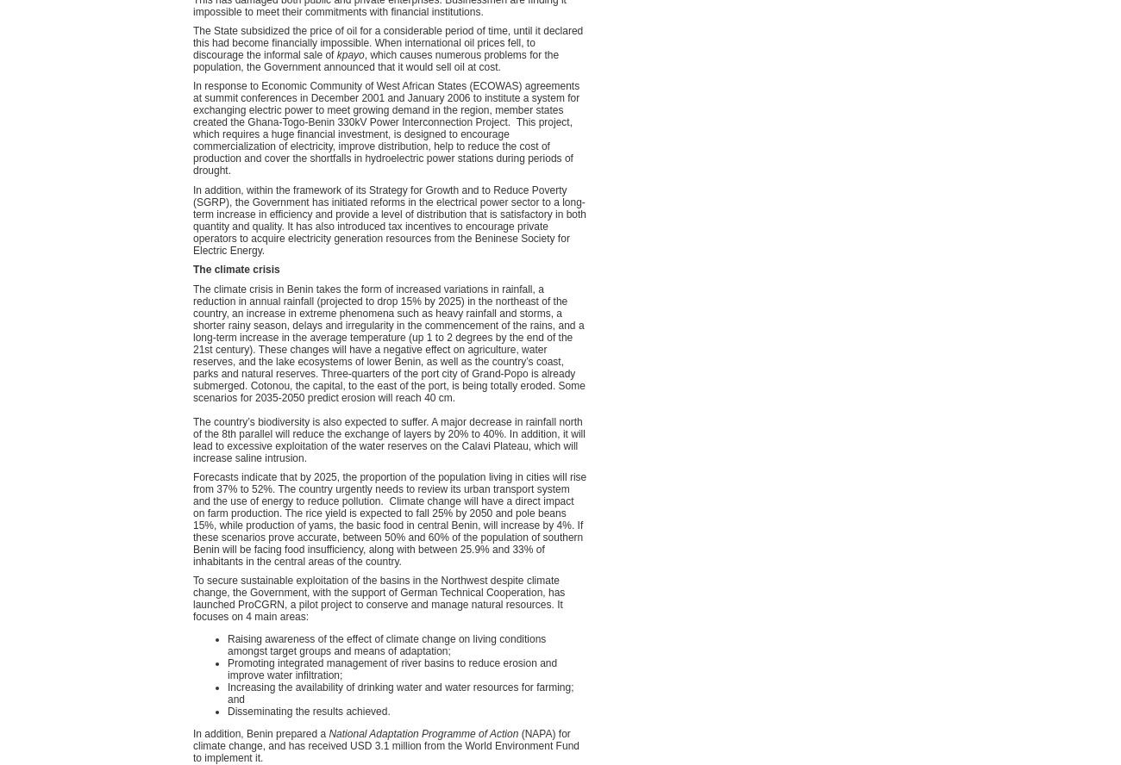  What do you see at coordinates (807, 508) in the screenshot?
I see `'United Kingdom'` at bounding box center [807, 508].